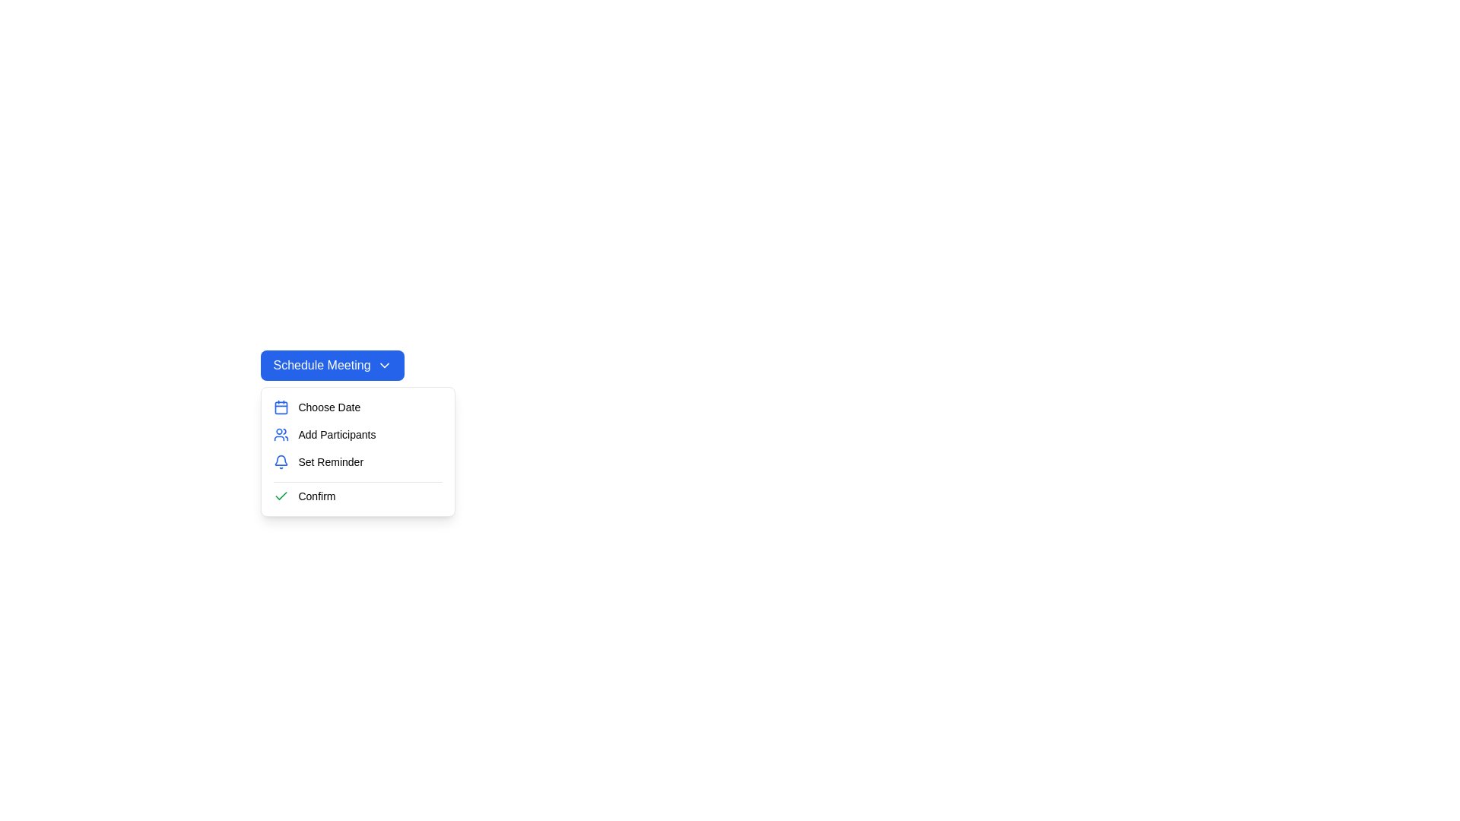 This screenshot has height=821, width=1460. Describe the element at coordinates (281, 496) in the screenshot. I see `the checkmark icon located next to the 'Confirm' item in the dropdown menu to indicate a successful action` at that location.